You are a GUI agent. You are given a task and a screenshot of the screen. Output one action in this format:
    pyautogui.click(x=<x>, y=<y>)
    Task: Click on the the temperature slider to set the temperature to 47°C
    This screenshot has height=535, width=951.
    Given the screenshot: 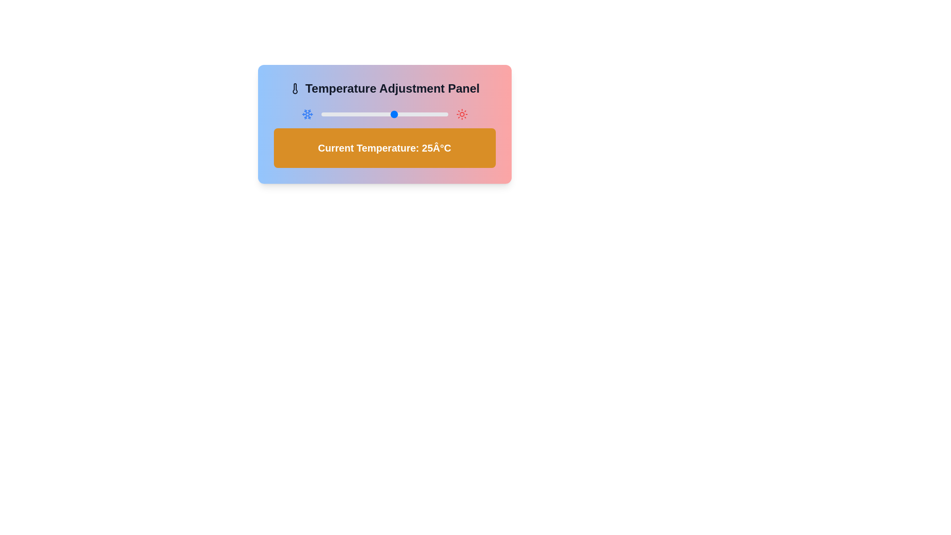 What is the action you would take?
    pyautogui.click(x=441, y=114)
    